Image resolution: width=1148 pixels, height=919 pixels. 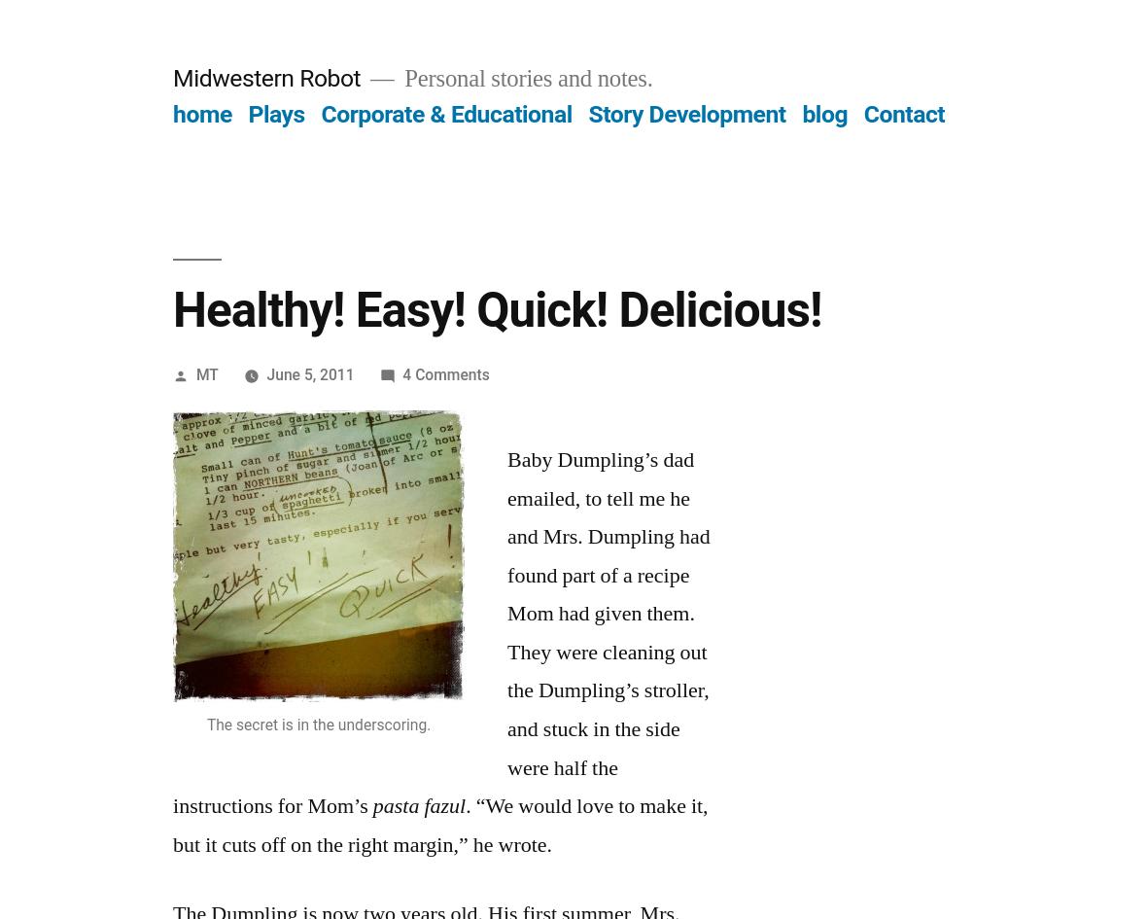 I want to click on 'June 5, 2011', so click(x=308, y=372).